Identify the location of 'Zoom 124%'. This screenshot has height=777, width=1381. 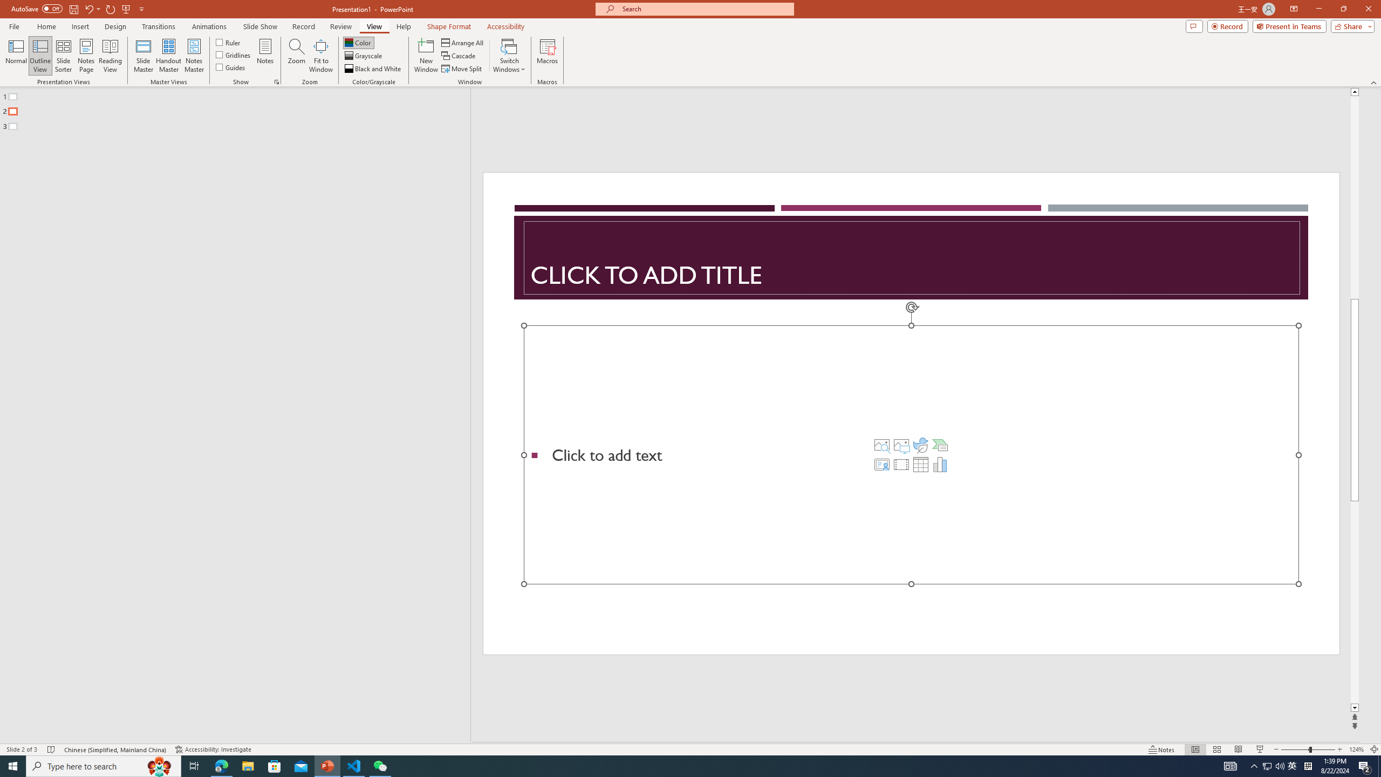
(1357, 749).